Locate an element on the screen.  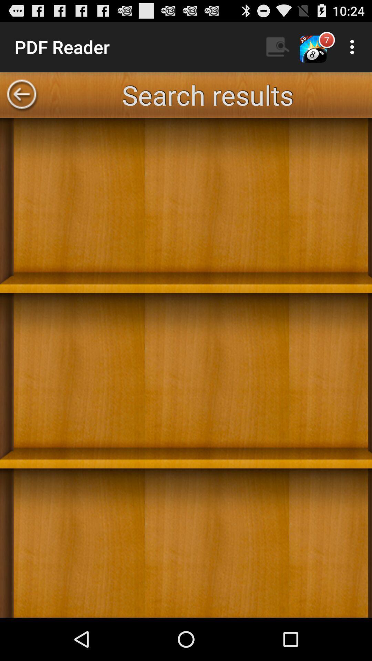
item below pdf reader app is located at coordinates (21, 95).